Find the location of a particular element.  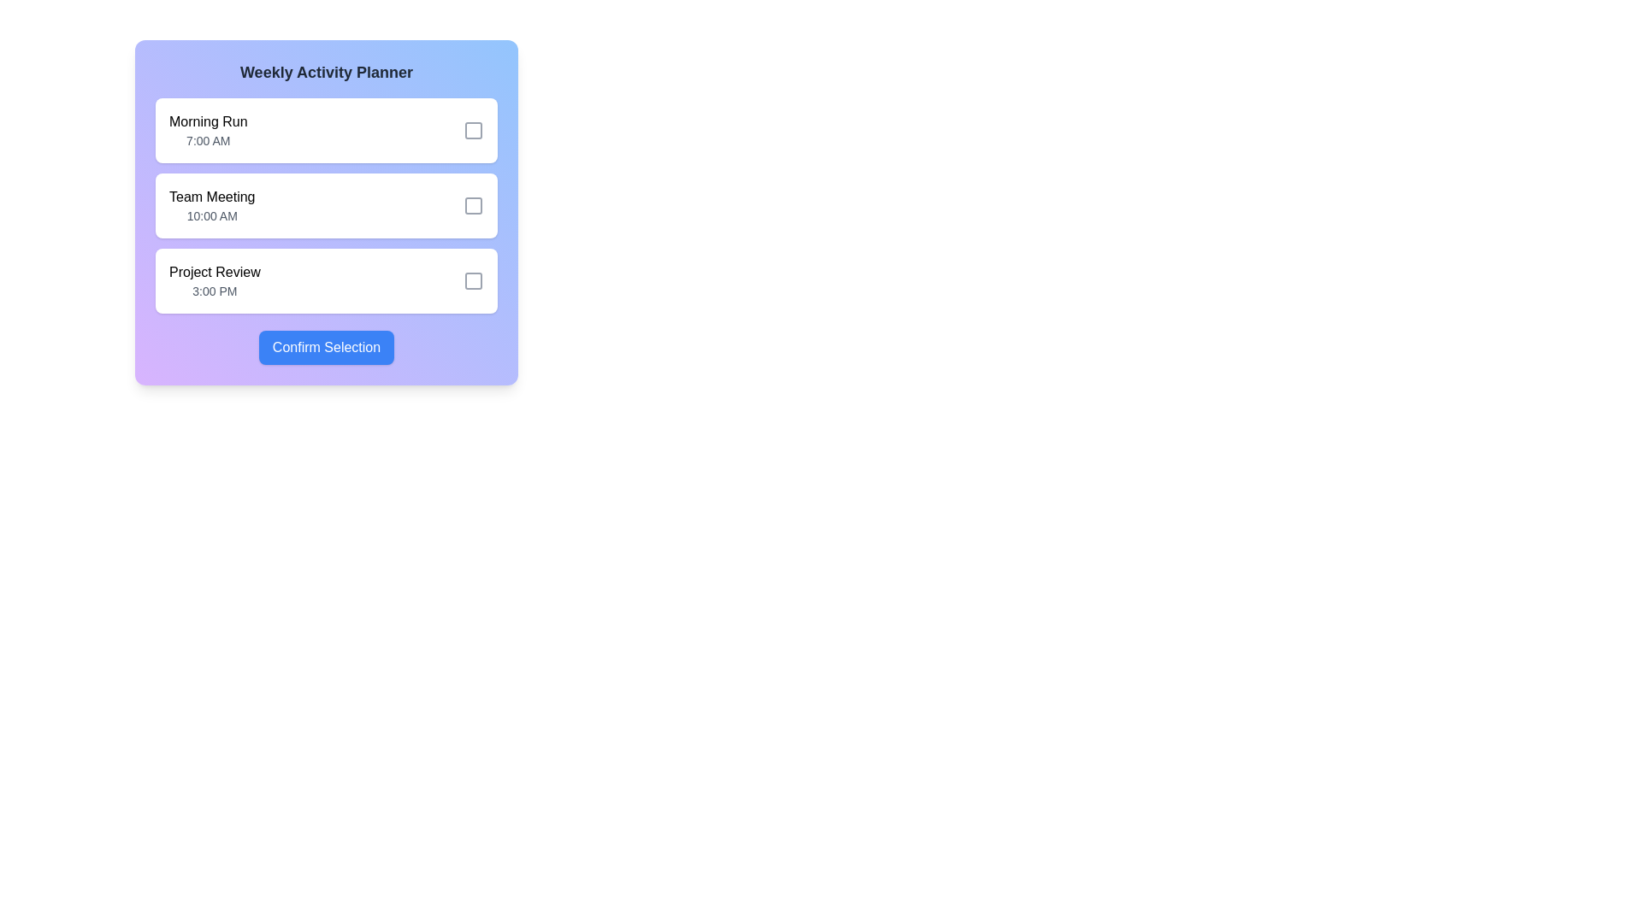

the Information Display Block that shows 'Team Meeting' and '10:00 AM' to read its content is located at coordinates (211, 204).